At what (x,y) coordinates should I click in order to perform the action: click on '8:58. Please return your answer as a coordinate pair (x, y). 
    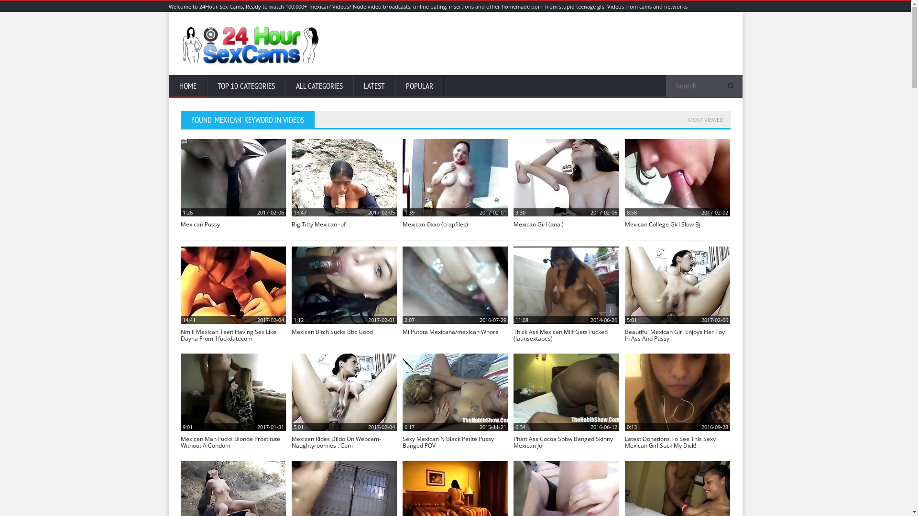
    Looking at the image, I should click on (677, 187).